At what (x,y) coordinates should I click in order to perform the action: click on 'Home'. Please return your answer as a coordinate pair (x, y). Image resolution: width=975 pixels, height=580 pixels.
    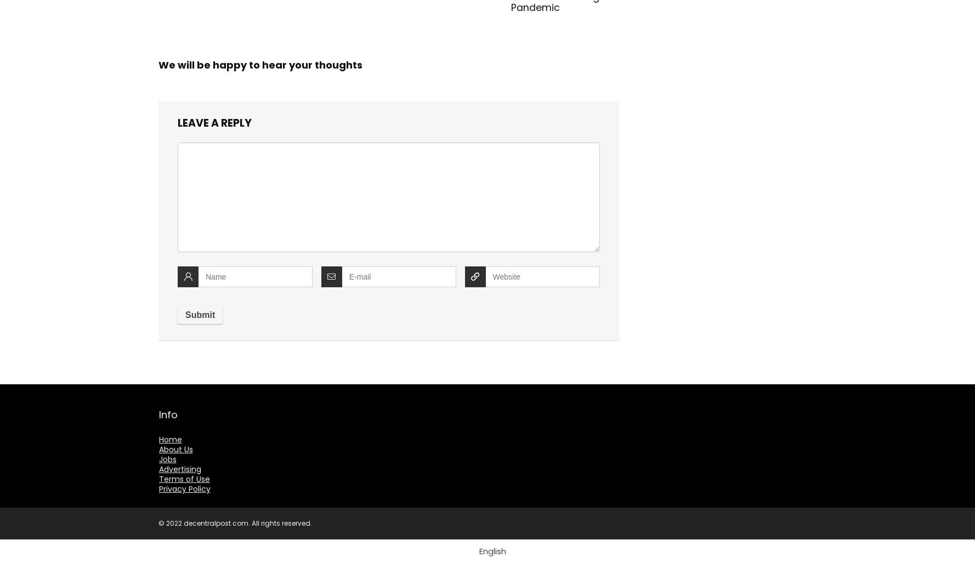
    Looking at the image, I should click on (170, 439).